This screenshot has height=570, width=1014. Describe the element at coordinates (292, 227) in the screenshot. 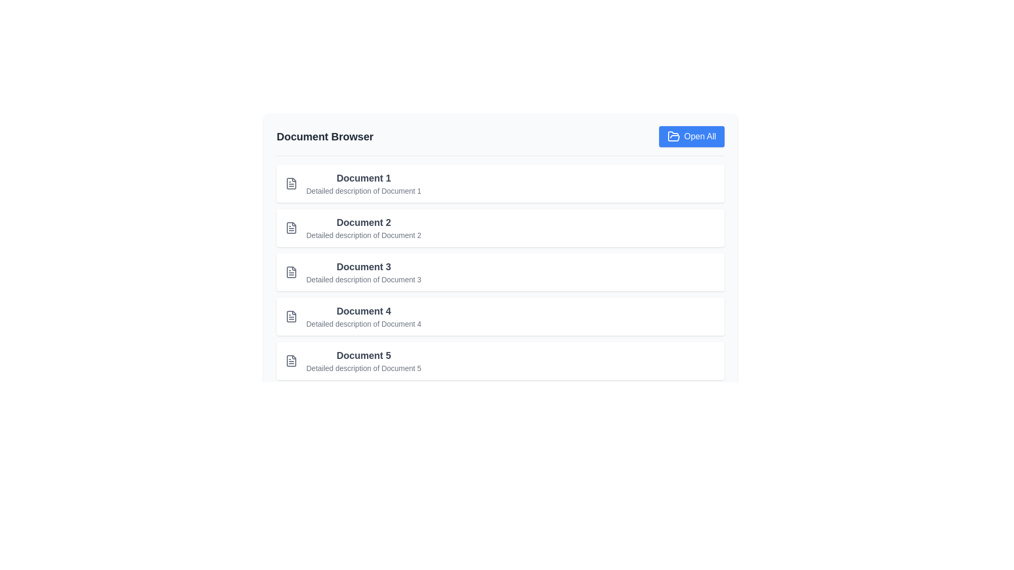

I see `the document icon located on the second list item of the document list titled 'Document 2' in the 'Document Browser' interface, which is rendered in muted gray color` at that location.